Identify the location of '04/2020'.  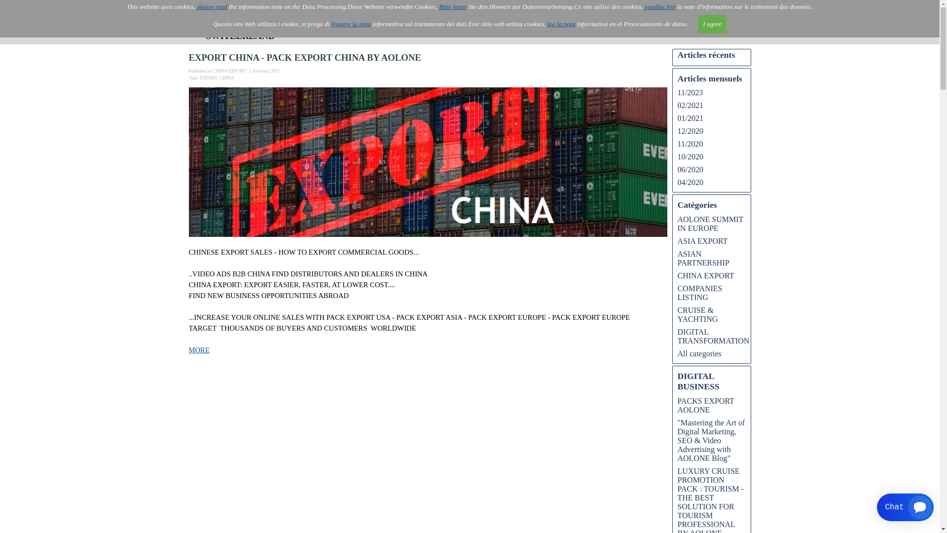
(690, 182).